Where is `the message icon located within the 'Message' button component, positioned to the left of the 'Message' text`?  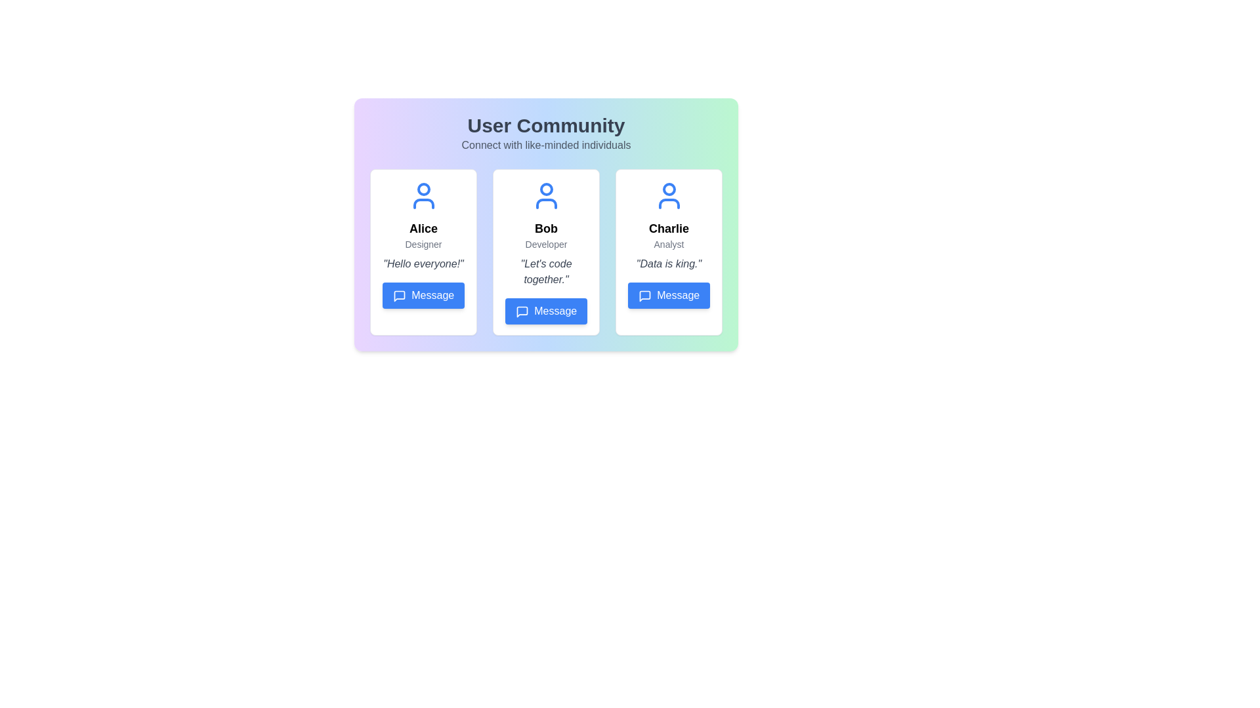
the message icon located within the 'Message' button component, positioned to the left of the 'Message' text is located at coordinates (521, 311).